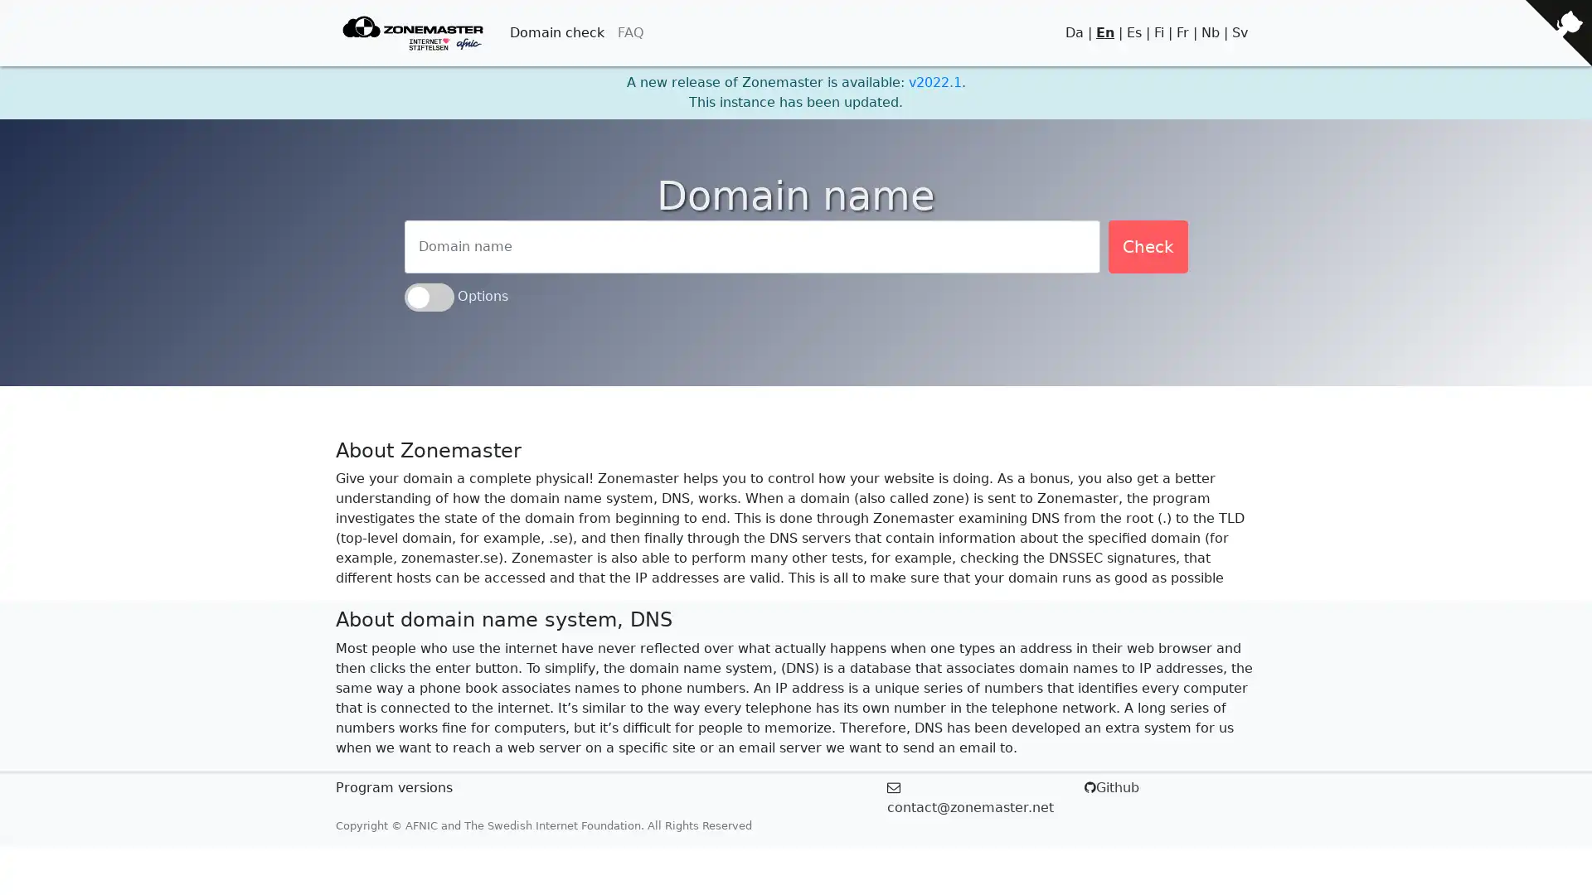  Describe the element at coordinates (1146, 246) in the screenshot. I see `Check` at that location.